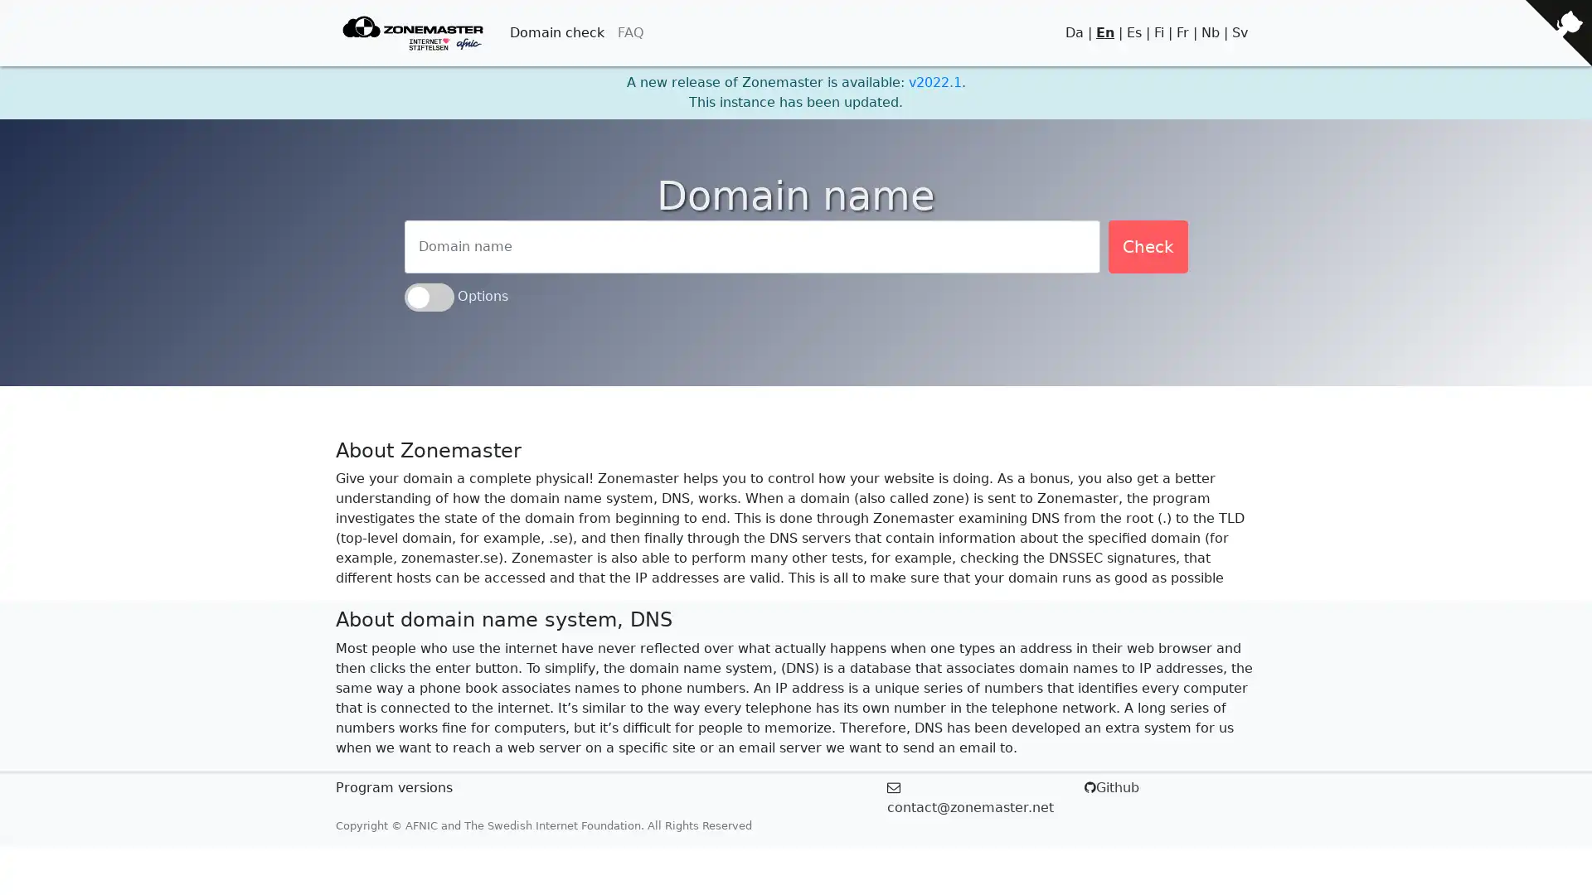  Describe the element at coordinates (1146, 246) in the screenshot. I see `Check` at that location.